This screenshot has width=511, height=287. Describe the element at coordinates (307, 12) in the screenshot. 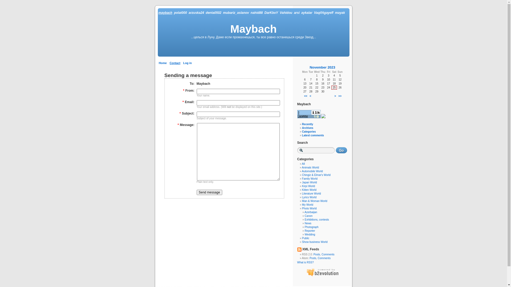

I see `'aykalar'` at that location.